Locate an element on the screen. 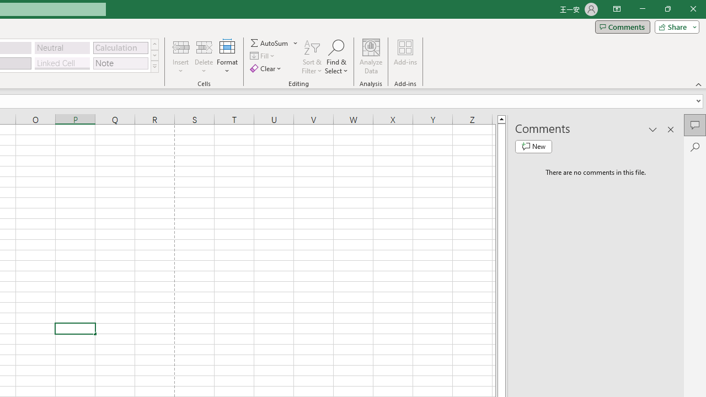  'Linked Cell' is located at coordinates (62, 63).